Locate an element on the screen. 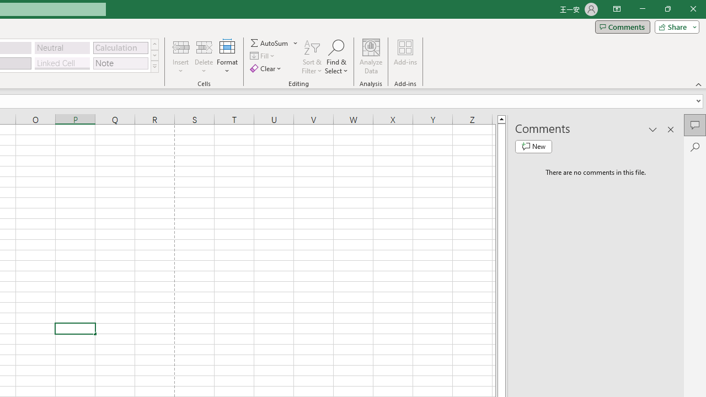  'Linked Cell' is located at coordinates (62, 63).